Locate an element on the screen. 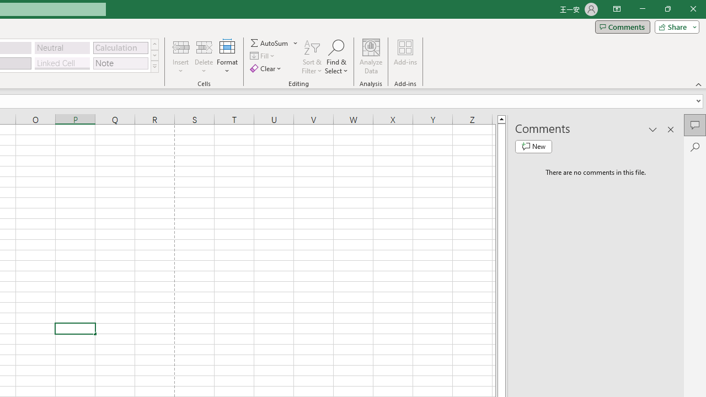  'Linked Cell' is located at coordinates (62, 63).